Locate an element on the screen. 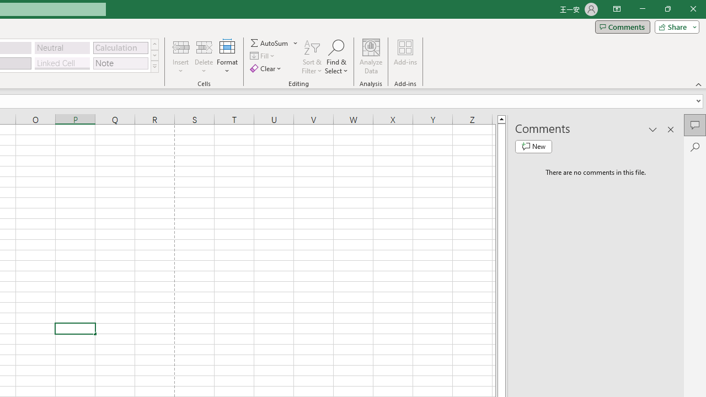  'Linked Cell' is located at coordinates (62, 63).